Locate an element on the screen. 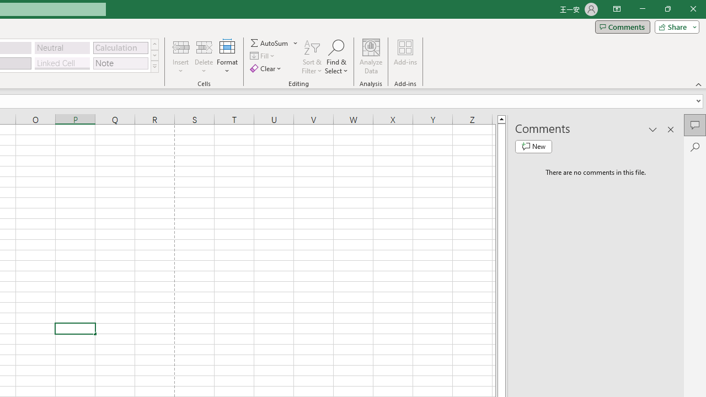  'Linked Cell' is located at coordinates (62, 63).